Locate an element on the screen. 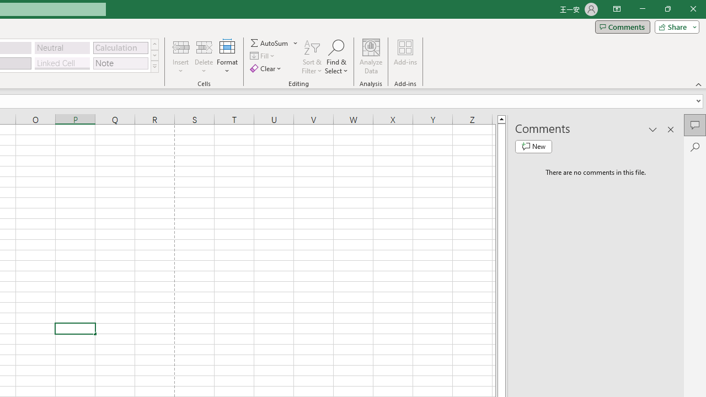  'Linked Cell' is located at coordinates (62, 63).